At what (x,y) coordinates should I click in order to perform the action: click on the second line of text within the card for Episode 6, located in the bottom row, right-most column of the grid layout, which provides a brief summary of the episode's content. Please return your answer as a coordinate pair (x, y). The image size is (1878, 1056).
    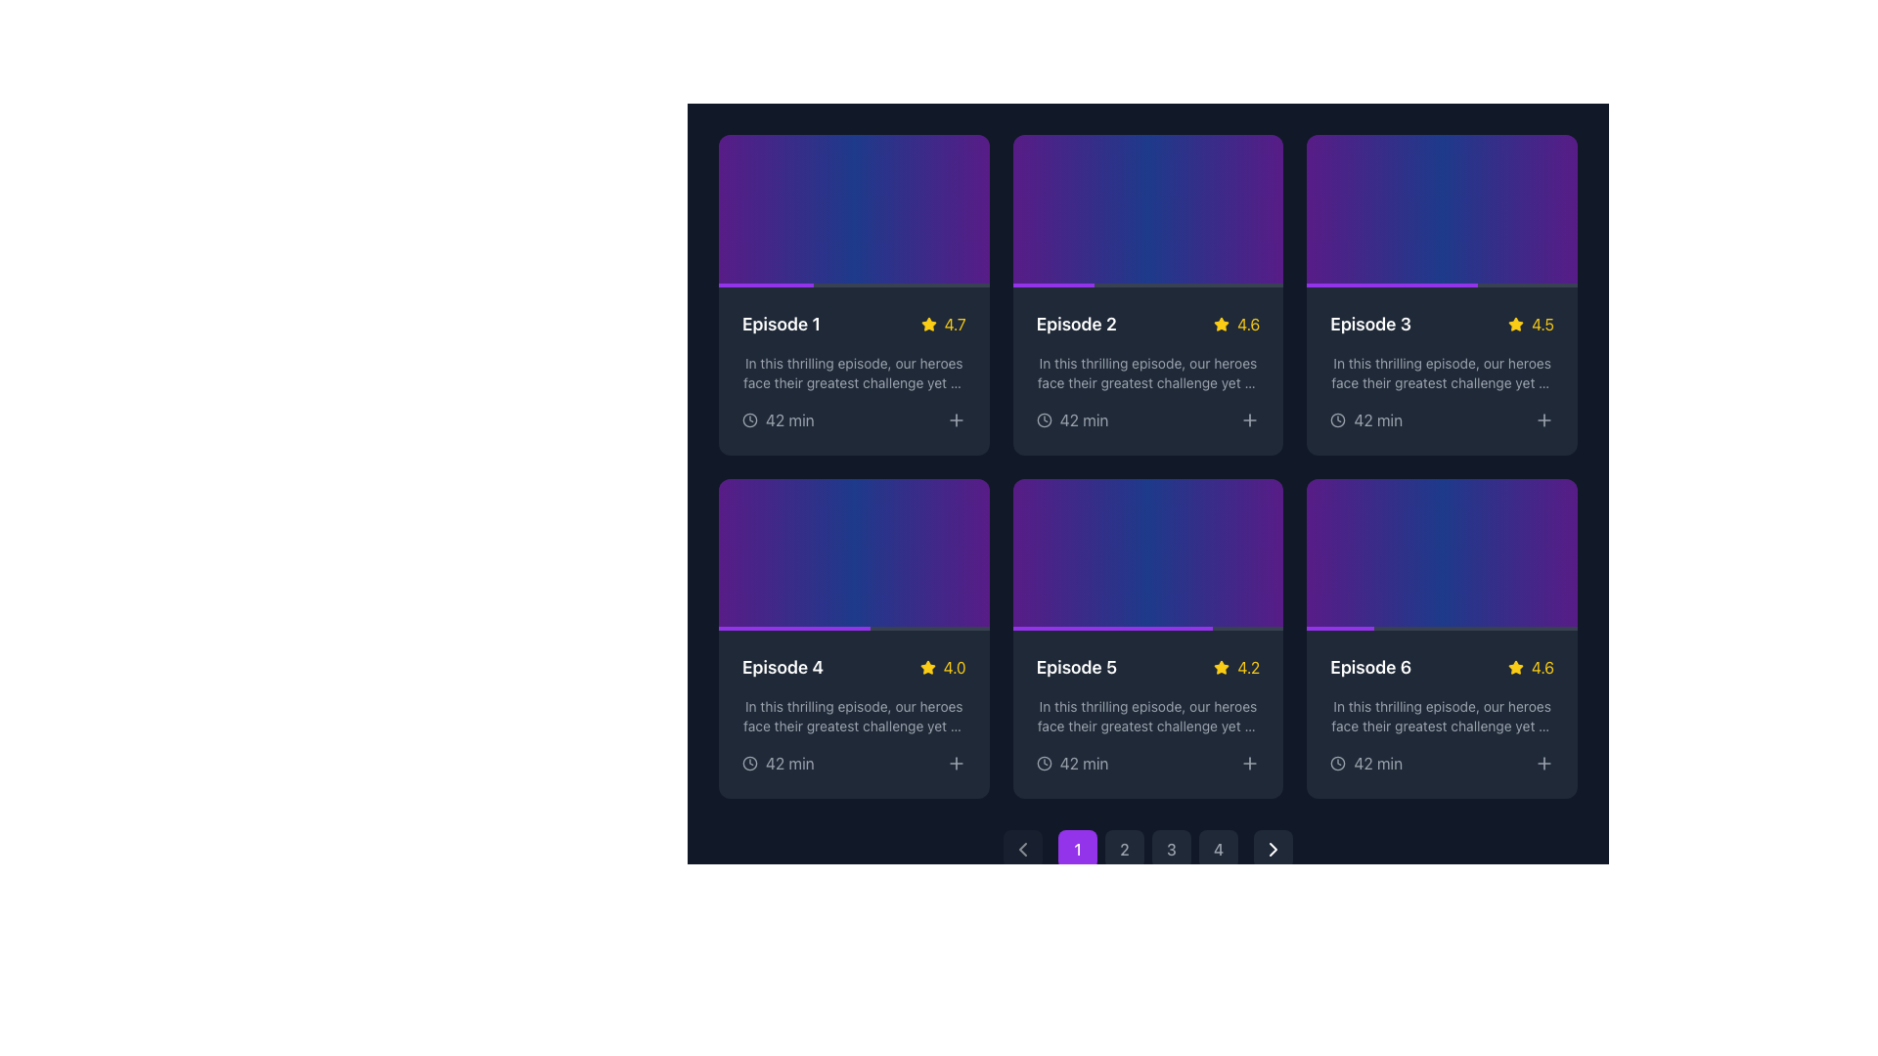
    Looking at the image, I should click on (1442, 717).